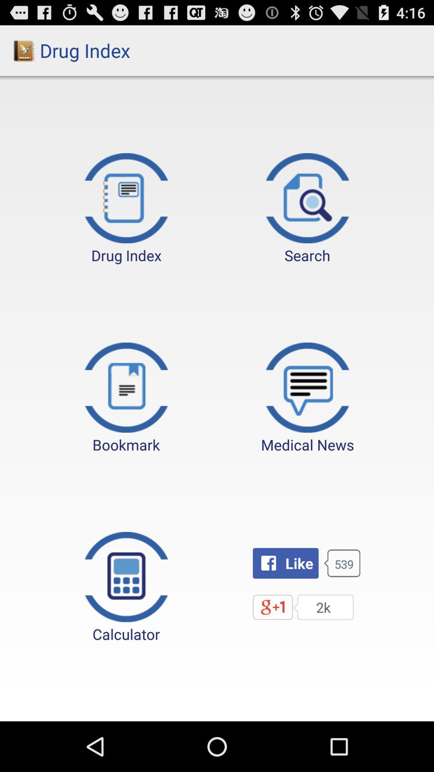 The image size is (434, 772). What do you see at coordinates (307, 398) in the screenshot?
I see `medical news icon` at bounding box center [307, 398].